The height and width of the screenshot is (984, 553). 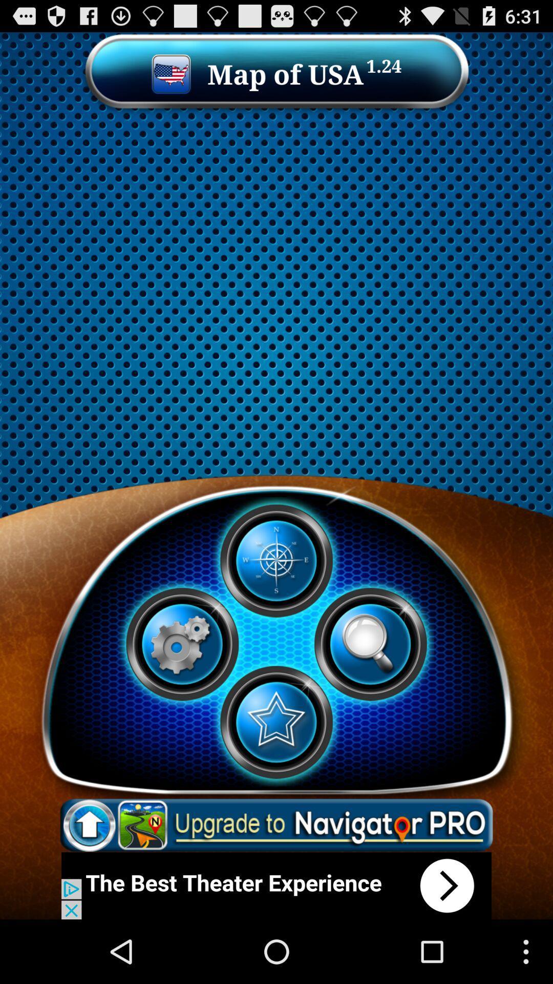 I want to click on settings option, so click(x=181, y=644).